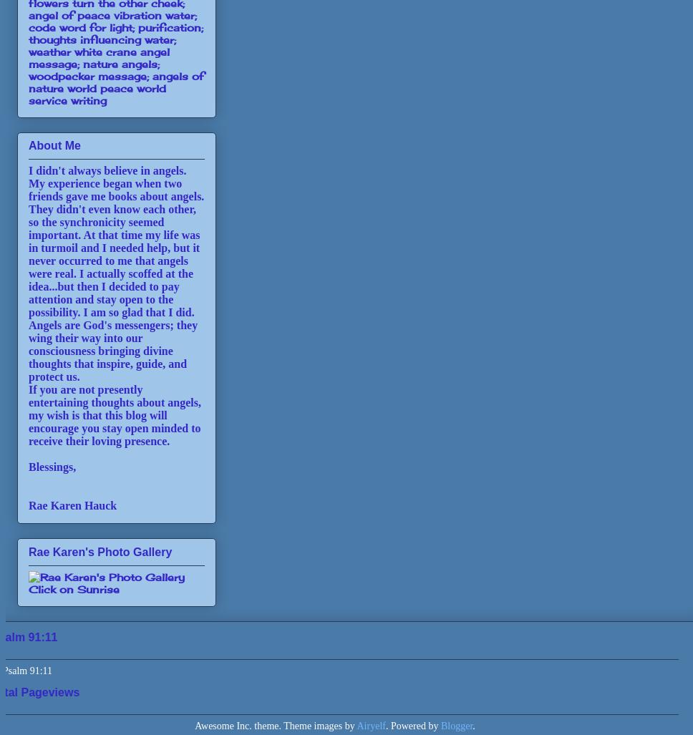 The height and width of the screenshot is (735, 693). I want to click on 'About Me', so click(53, 145).